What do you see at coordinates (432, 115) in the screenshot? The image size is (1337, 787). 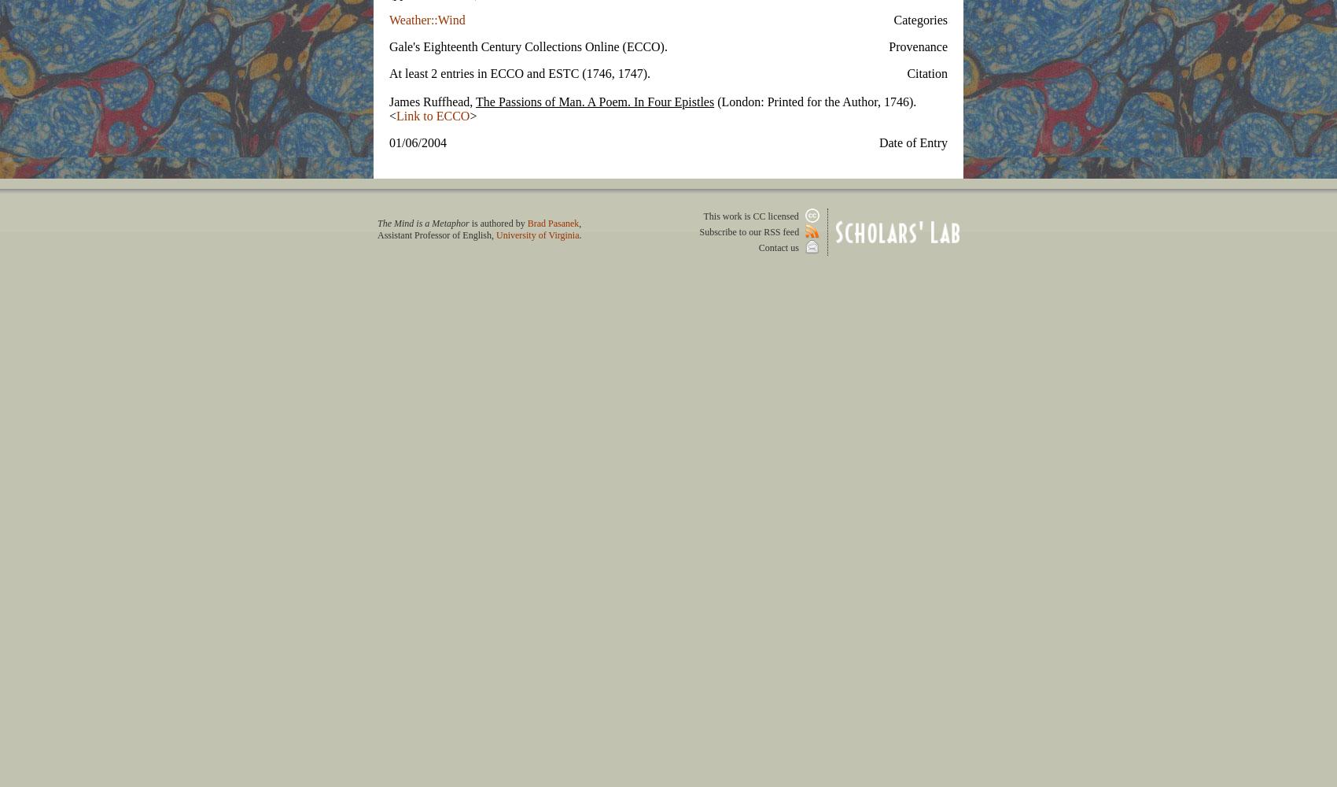 I see `'Link to ECCO'` at bounding box center [432, 115].